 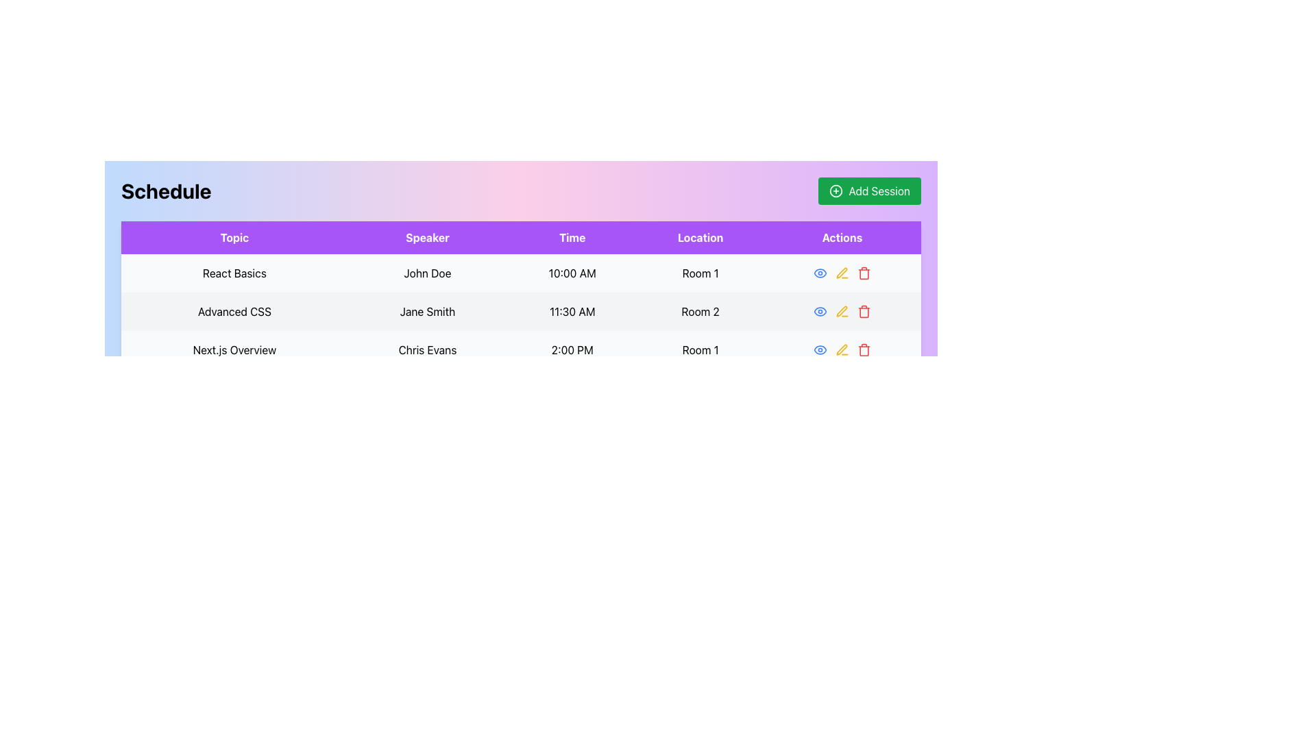 I want to click on each icon in the Horizontal Icon Group located in the 'Actions' column of the second row corresponding to the 'Advanced CSS' topic, so click(x=841, y=312).